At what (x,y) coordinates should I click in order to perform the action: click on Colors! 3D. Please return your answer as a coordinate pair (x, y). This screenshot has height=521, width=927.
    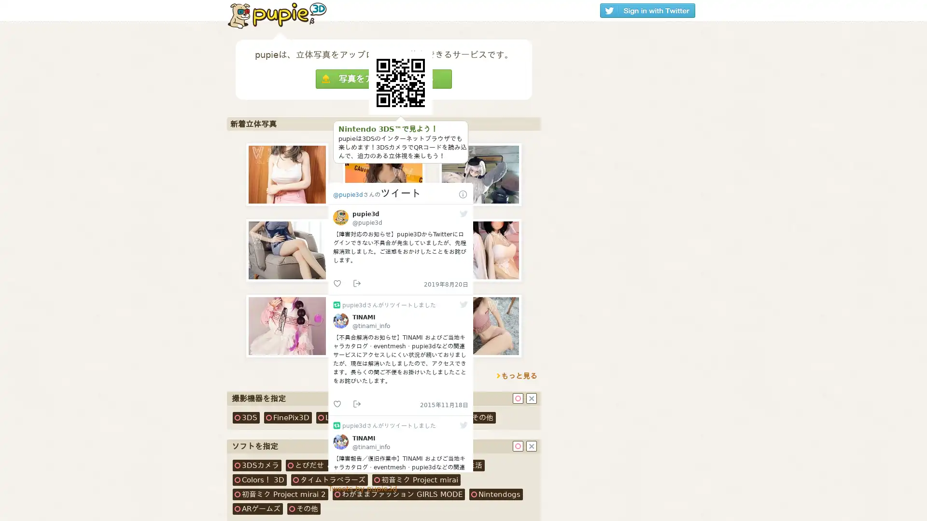
    Looking at the image, I should click on (259, 480).